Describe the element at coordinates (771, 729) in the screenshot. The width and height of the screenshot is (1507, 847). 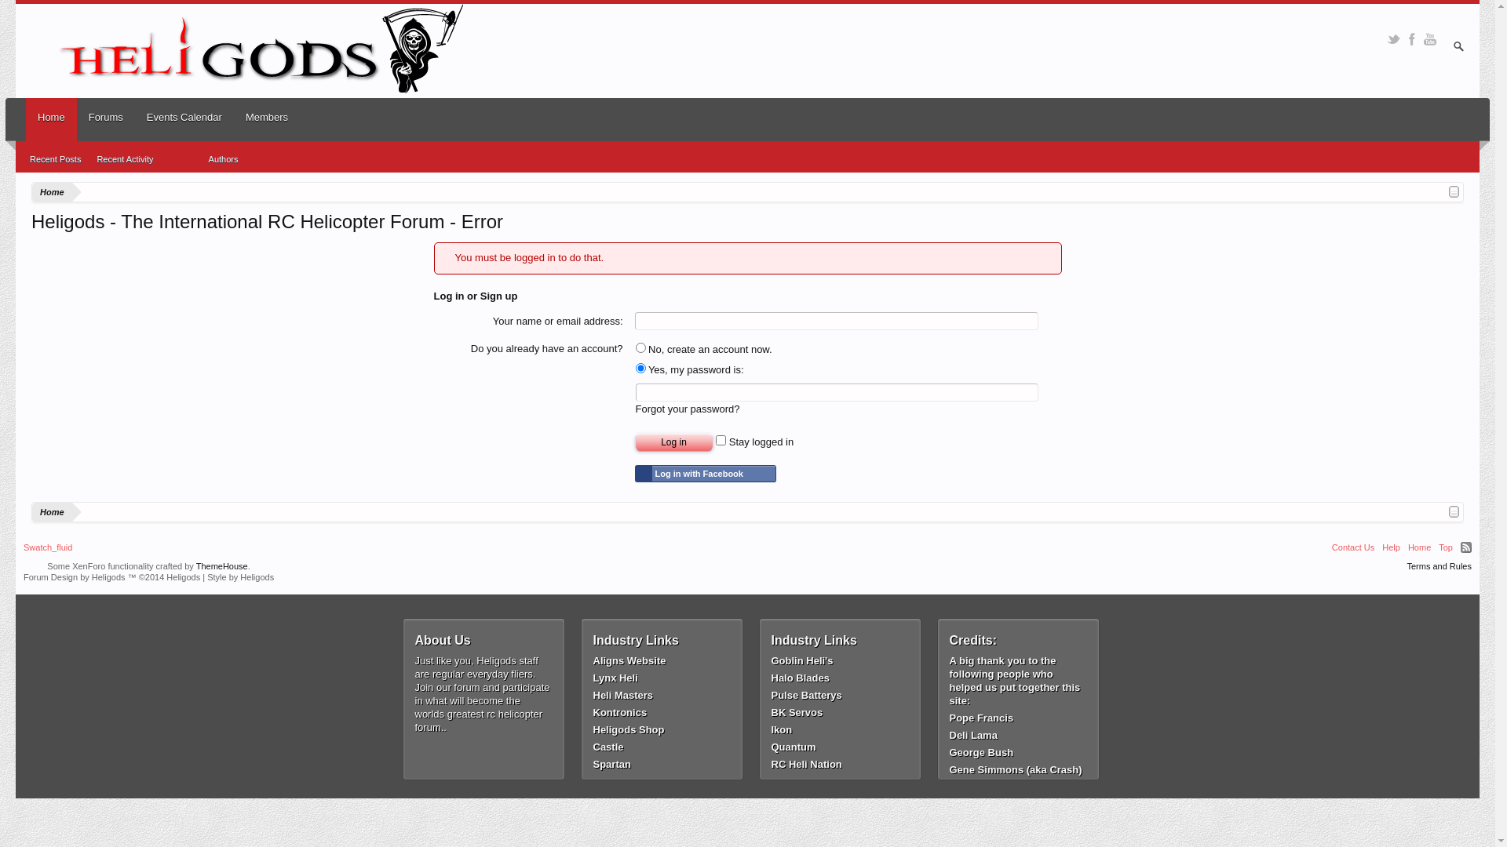
I see `'Ikon'` at that location.